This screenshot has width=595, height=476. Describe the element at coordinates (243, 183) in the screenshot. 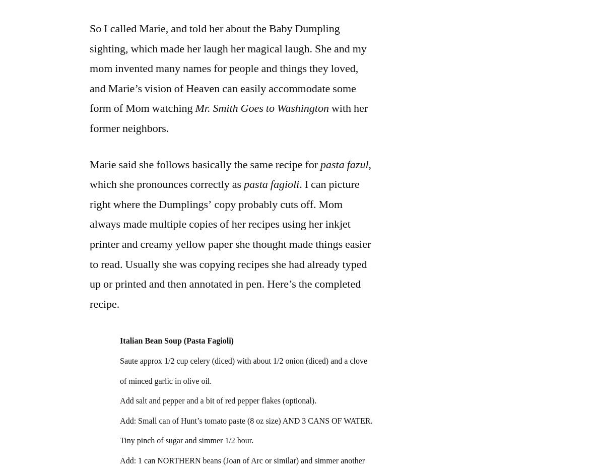

I see `'pasta fagioli'` at that location.